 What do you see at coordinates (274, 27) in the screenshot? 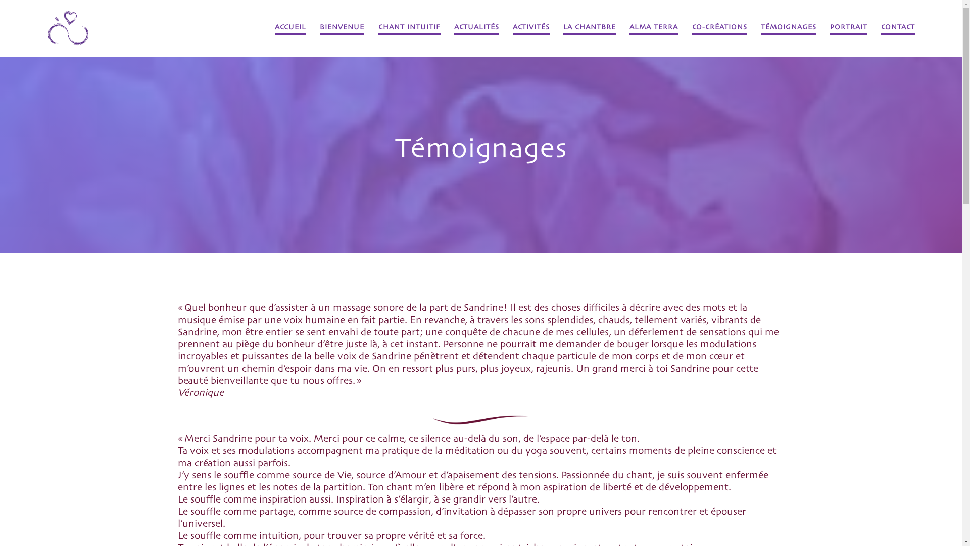
I see `'ACCUEIL'` at bounding box center [274, 27].